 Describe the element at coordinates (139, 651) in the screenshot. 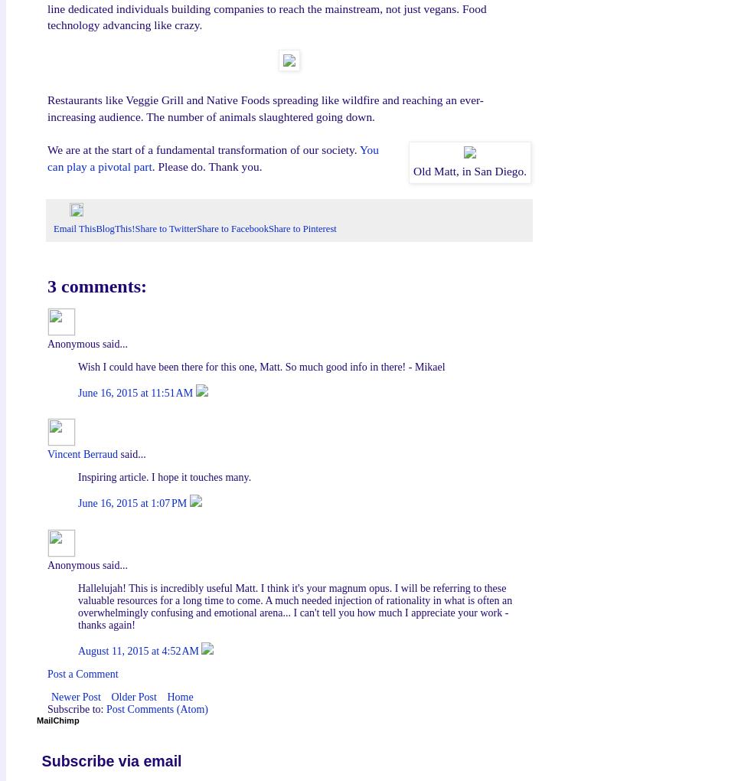

I see `'August 11, 2015 at 4:52 AM'` at that location.